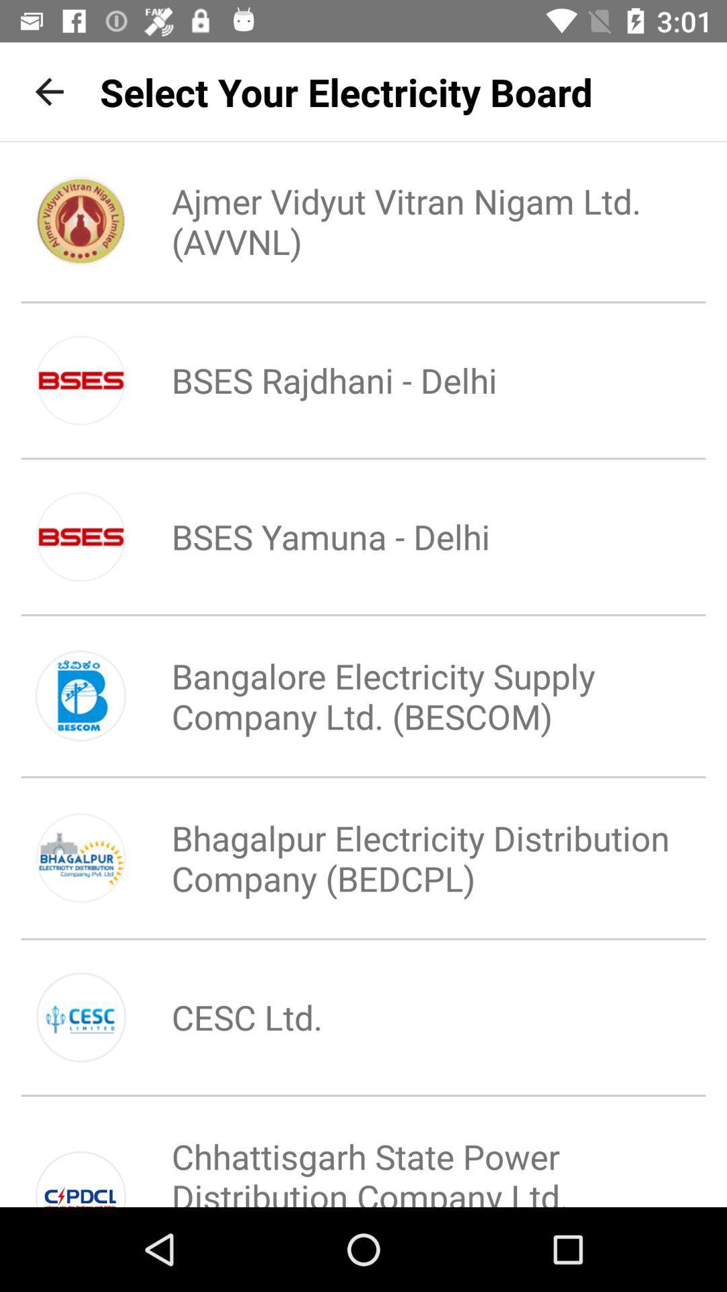  I want to click on the item above ajmer vidyut vitran, so click(345, 91).